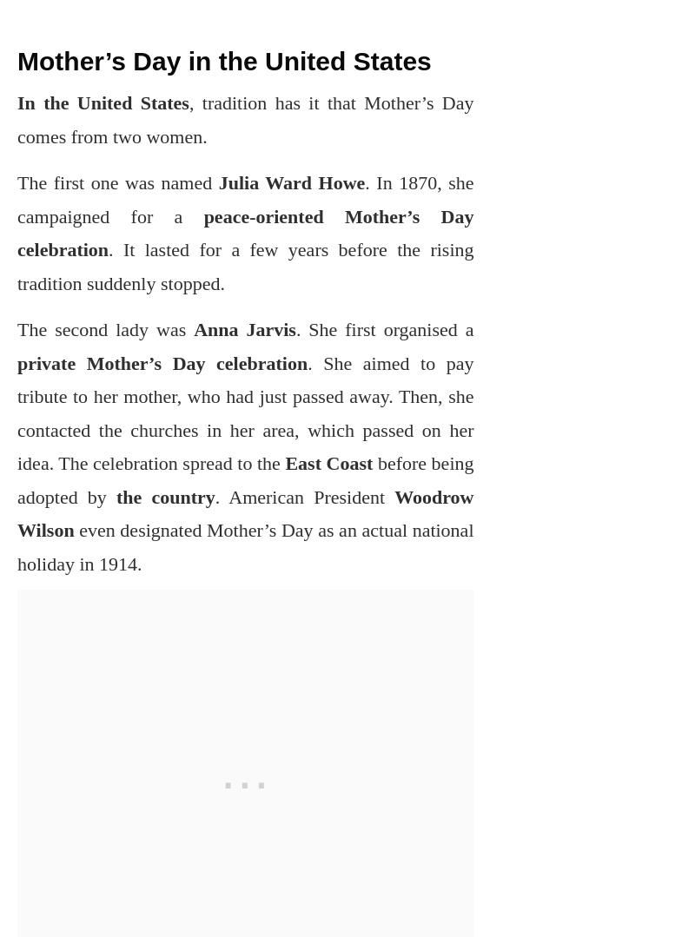  I want to click on 'Woodrow Wilson', so click(17, 512).